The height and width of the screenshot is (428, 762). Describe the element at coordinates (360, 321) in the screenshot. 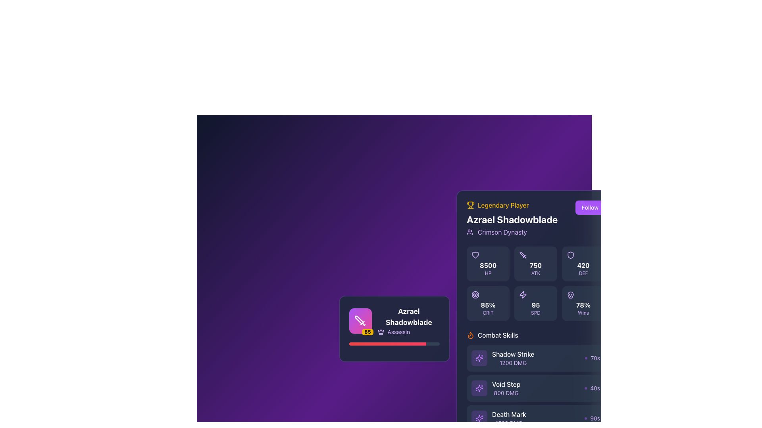

I see `the graphical display tile with rounded corners that has a gradient background transitioning from purple to pink for accessibility` at that location.